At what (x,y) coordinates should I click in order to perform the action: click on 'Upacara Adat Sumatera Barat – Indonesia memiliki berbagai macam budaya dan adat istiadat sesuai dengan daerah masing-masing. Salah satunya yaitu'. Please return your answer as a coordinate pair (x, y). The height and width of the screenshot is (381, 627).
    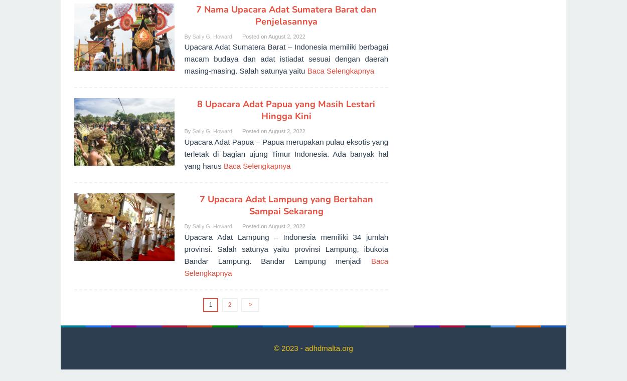
    Looking at the image, I should click on (285, 59).